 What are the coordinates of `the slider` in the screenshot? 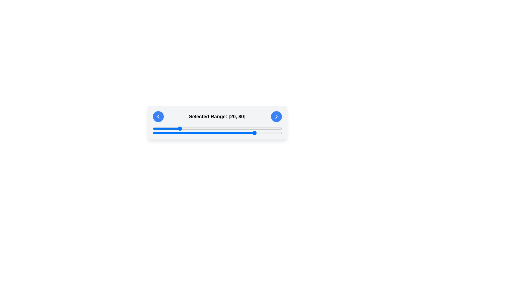 It's located at (218, 133).